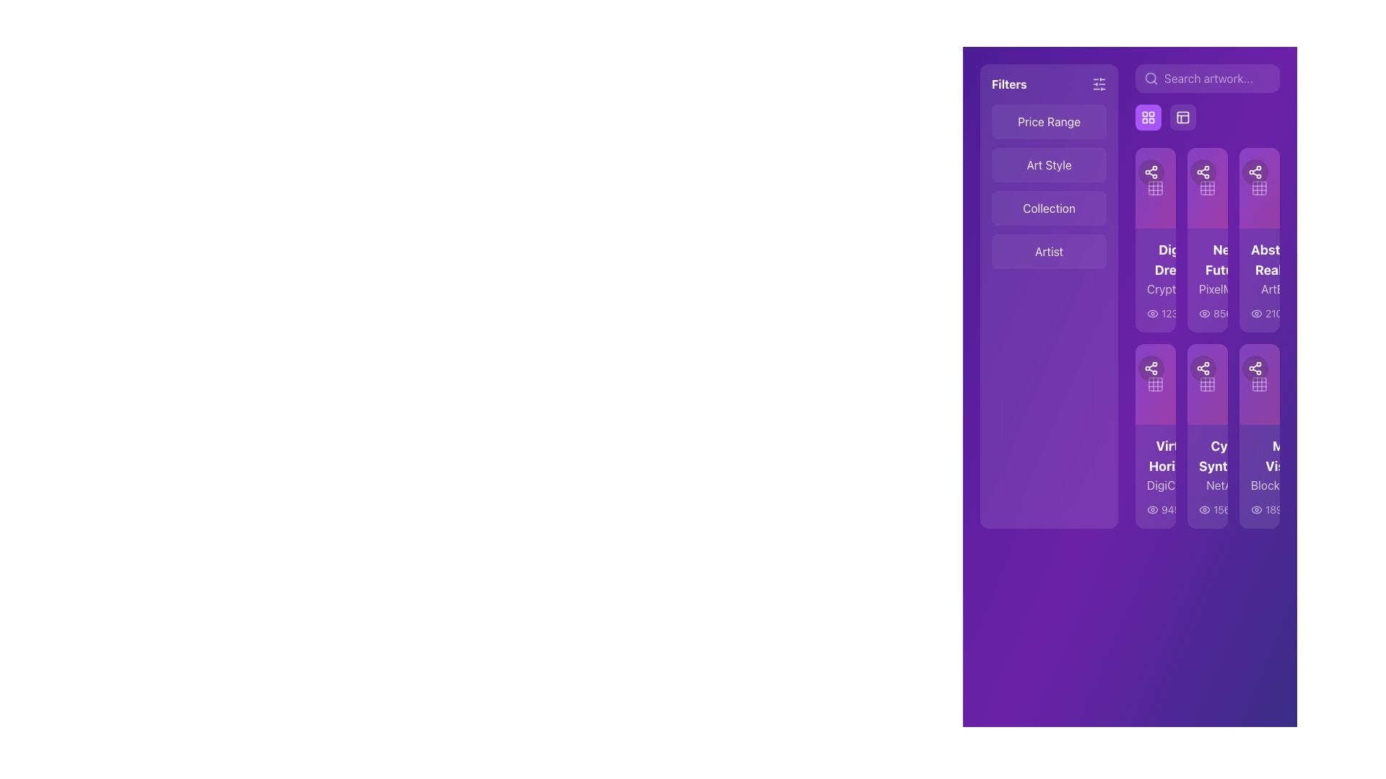  Describe the element at coordinates (1198, 313) in the screenshot. I see `numerical value associated with the heart icon located in the lower section of the card-like layout, positioned to the right of the numerical value (1234)` at that location.